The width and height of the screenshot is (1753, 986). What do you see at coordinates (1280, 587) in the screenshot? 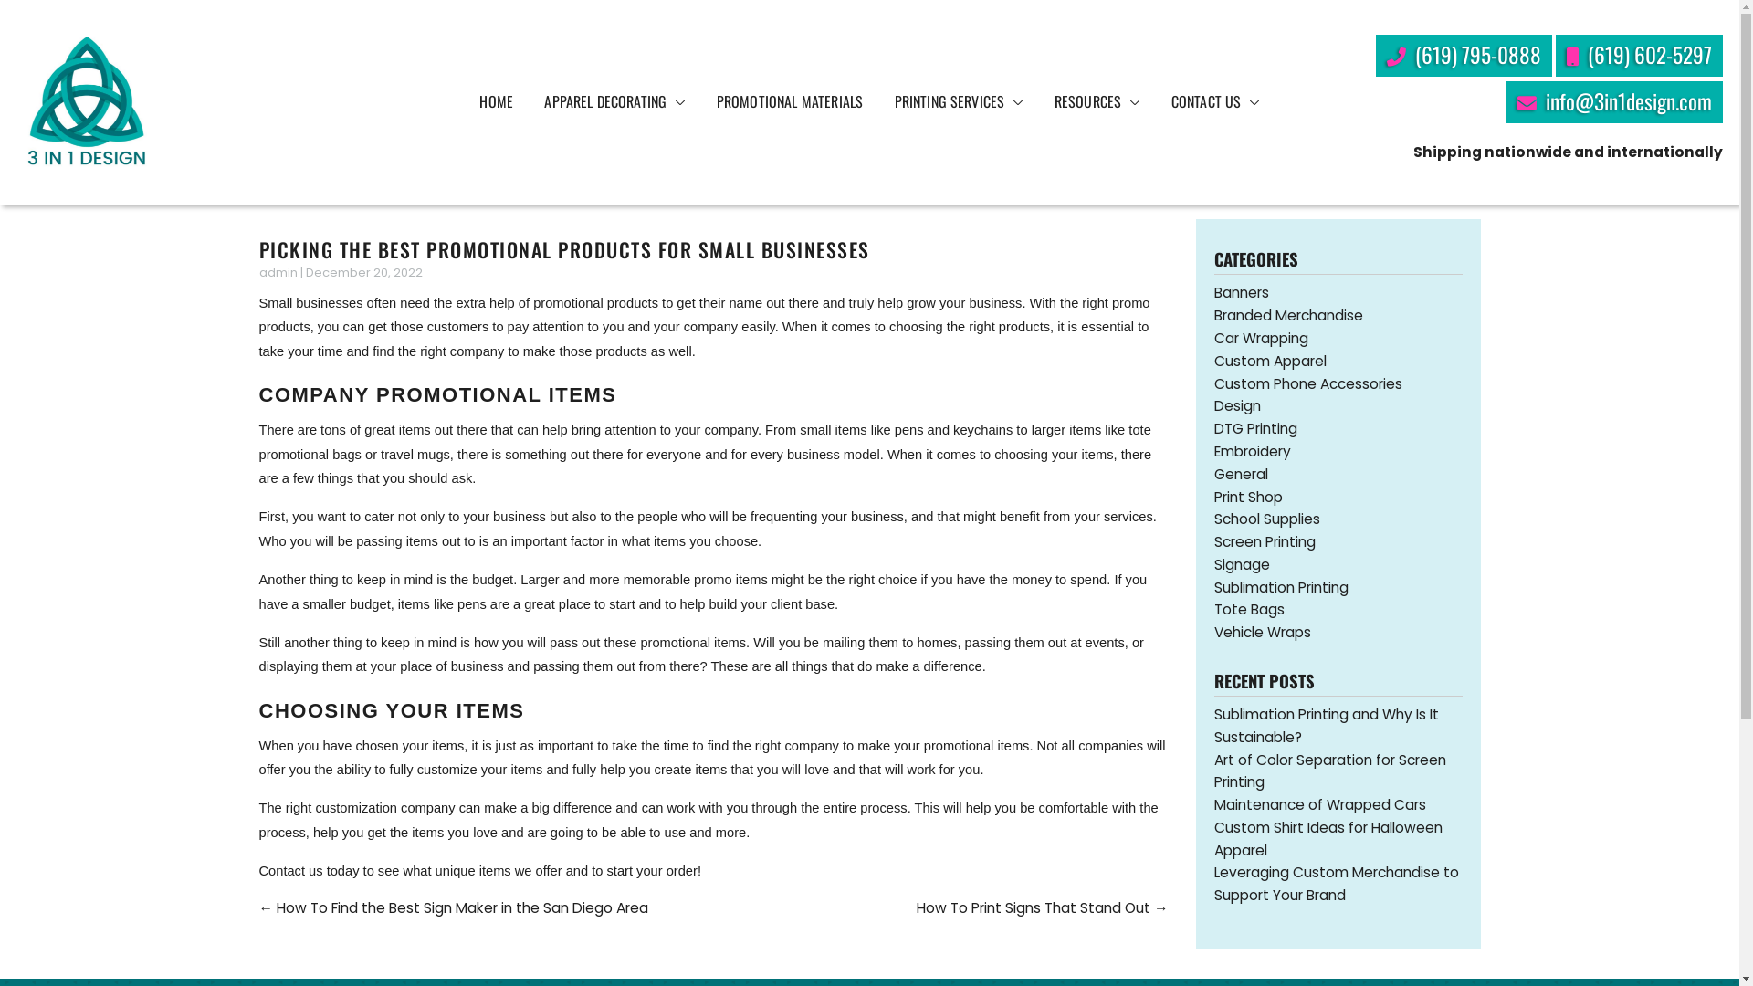
I see `'Sublimation Printing'` at bounding box center [1280, 587].